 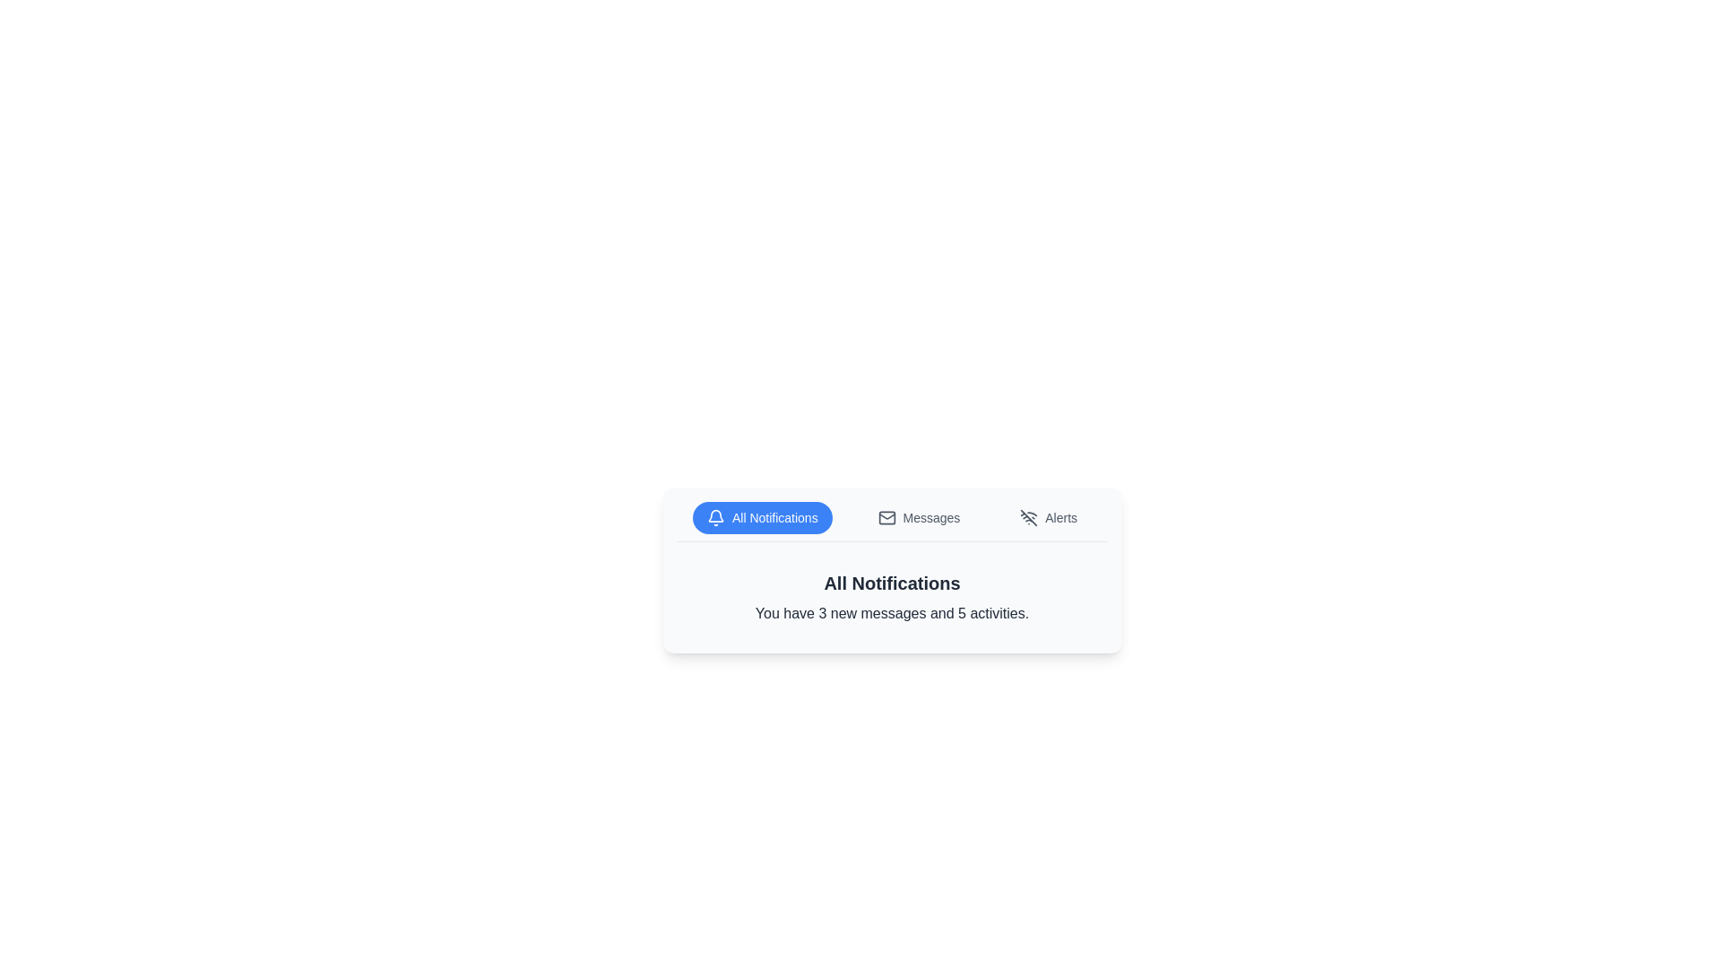 I want to click on the 'Messages' button, which features an envelope icon and is styled with gray text and rounded corners, so click(x=919, y=518).